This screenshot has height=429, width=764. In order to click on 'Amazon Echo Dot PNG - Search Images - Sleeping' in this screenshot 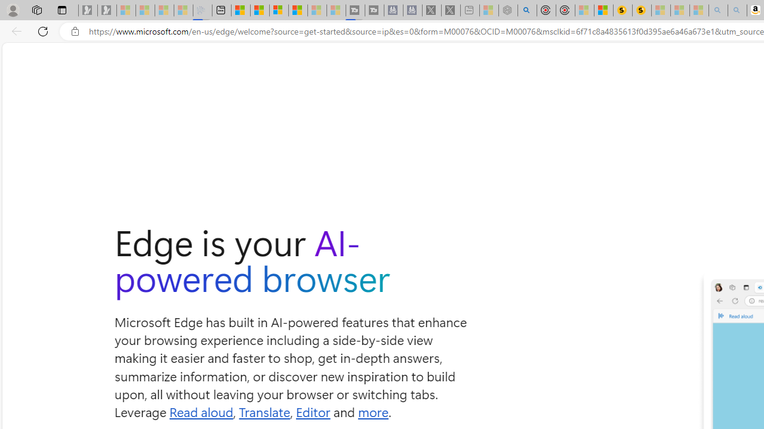, I will do `click(737, 10)`.